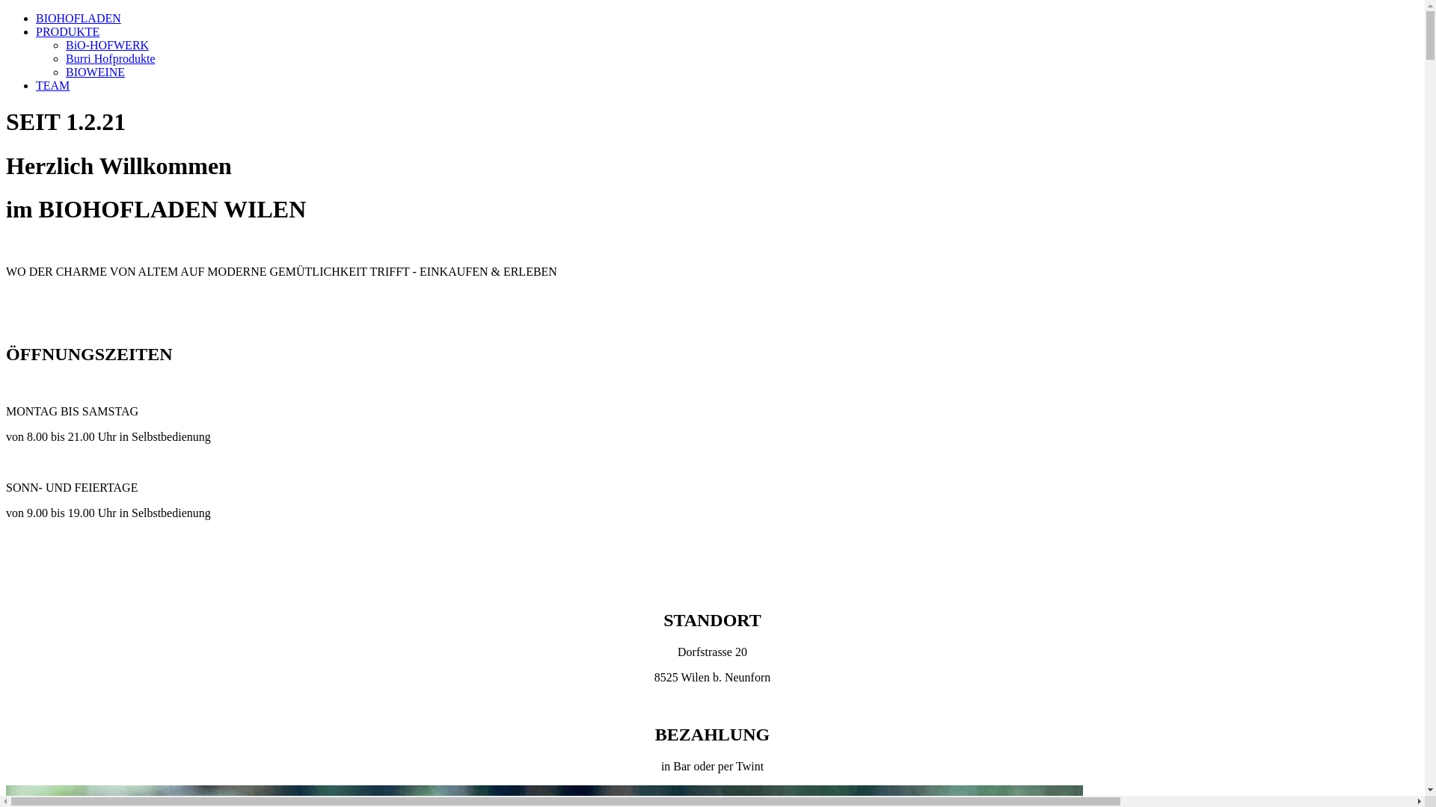 The height and width of the screenshot is (807, 1436). What do you see at coordinates (78, 18) in the screenshot?
I see `'BIOHOFLADEN'` at bounding box center [78, 18].